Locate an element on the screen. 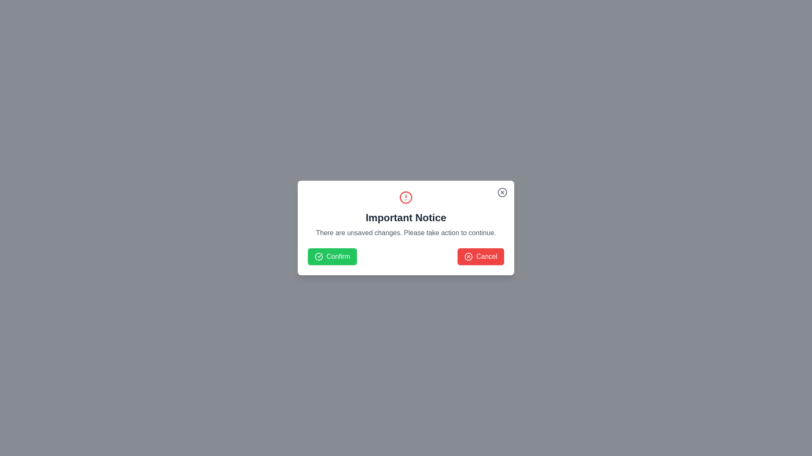 The width and height of the screenshot is (812, 456). the green SVG icon located to the left of the 'Confirm' button in the modal dialog, which signifies a positive action is located at coordinates (318, 256).